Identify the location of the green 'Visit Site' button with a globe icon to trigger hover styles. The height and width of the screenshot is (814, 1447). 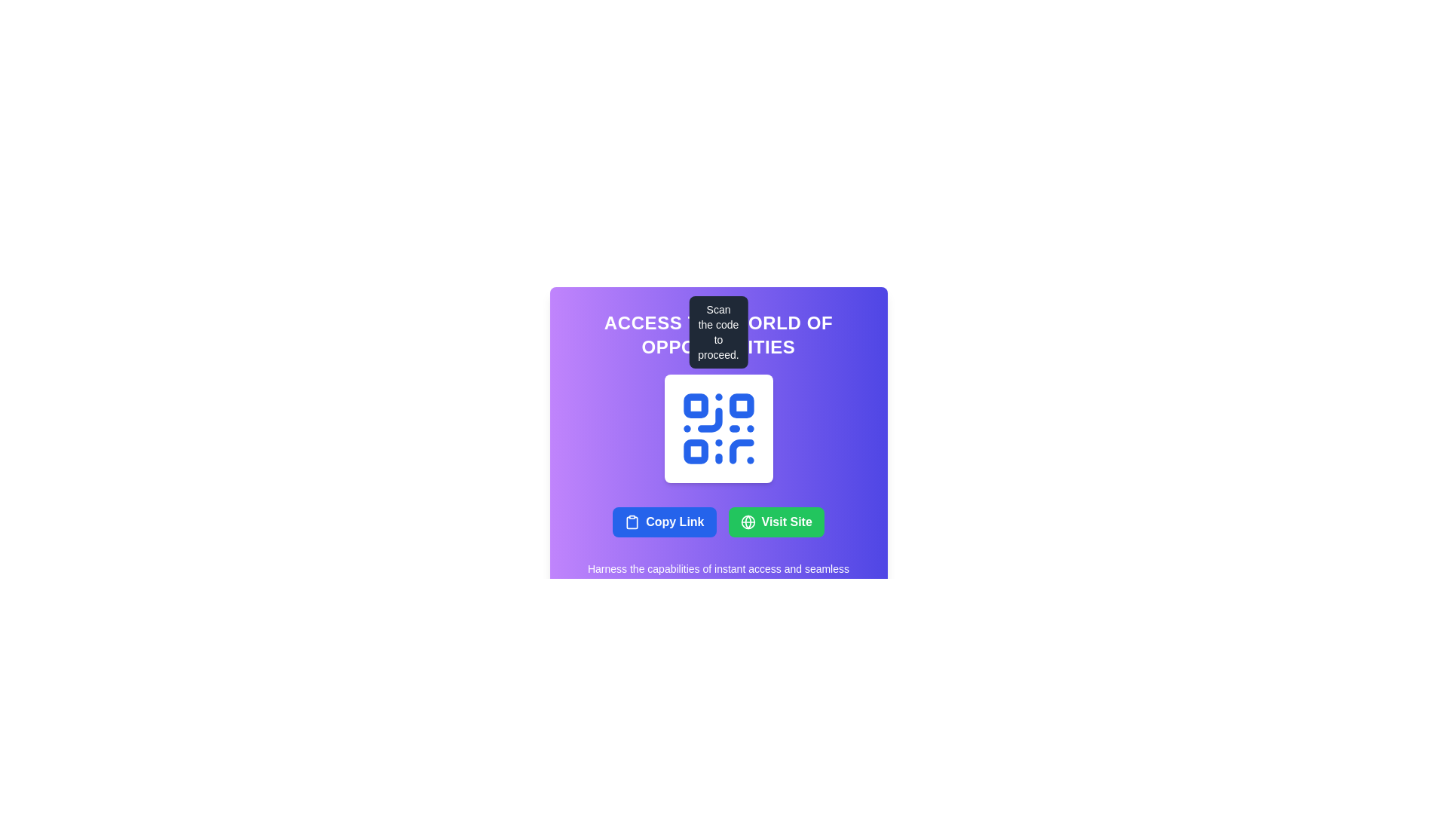
(776, 522).